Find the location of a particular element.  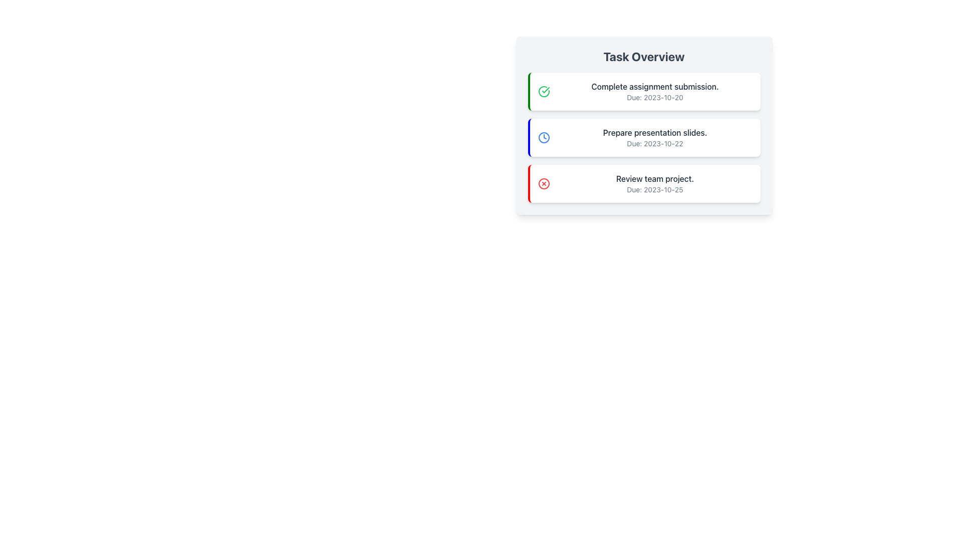

the text label displaying 'Due: 2023-10-22' in the second task entry under the 'Task Overview' section is located at coordinates (655, 143).